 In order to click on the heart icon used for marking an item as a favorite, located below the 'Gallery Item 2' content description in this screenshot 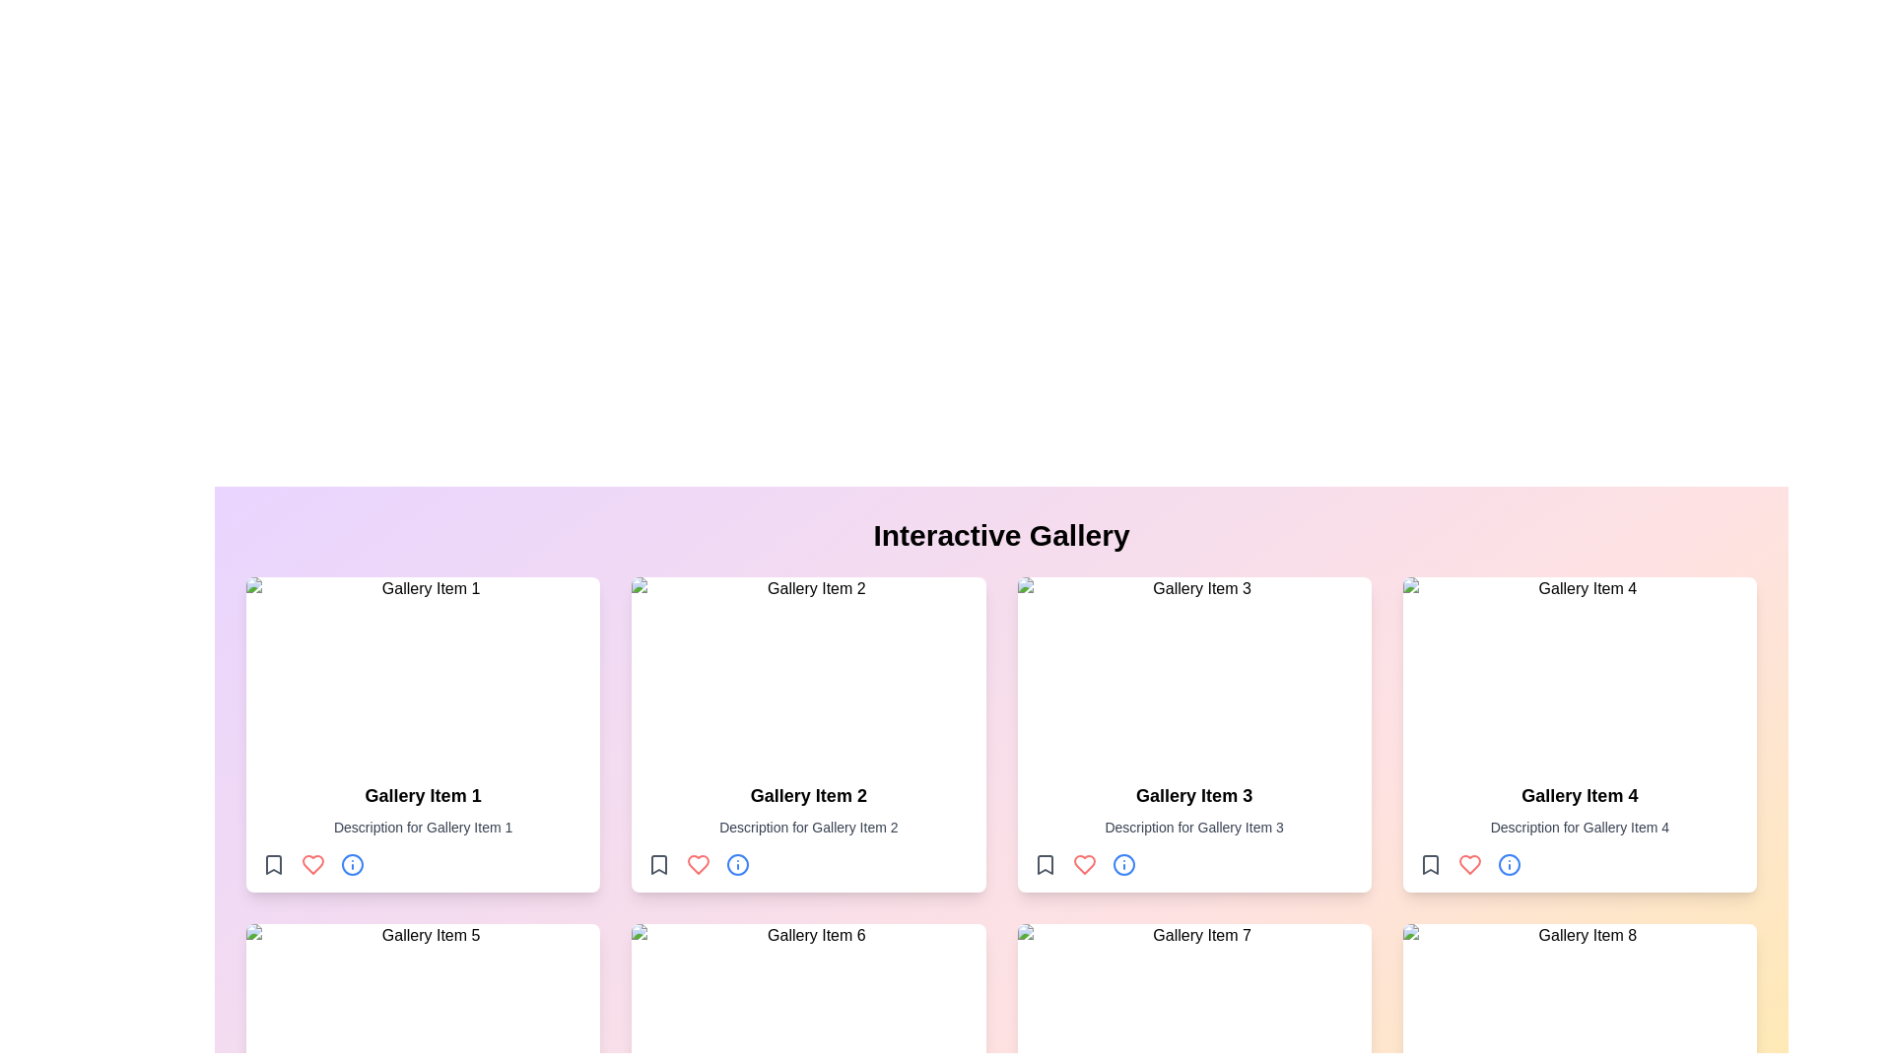, I will do `click(699, 864)`.